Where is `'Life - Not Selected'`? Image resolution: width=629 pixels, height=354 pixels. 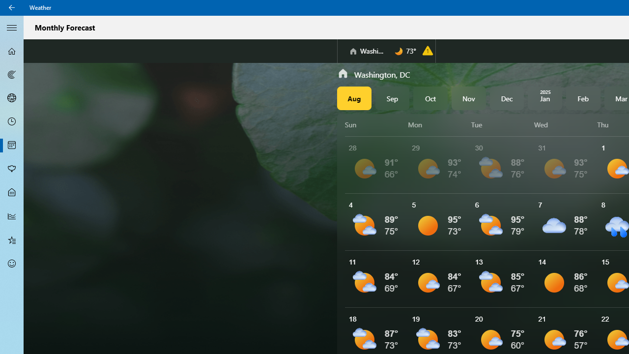 'Life - Not Selected' is located at coordinates (12, 193).